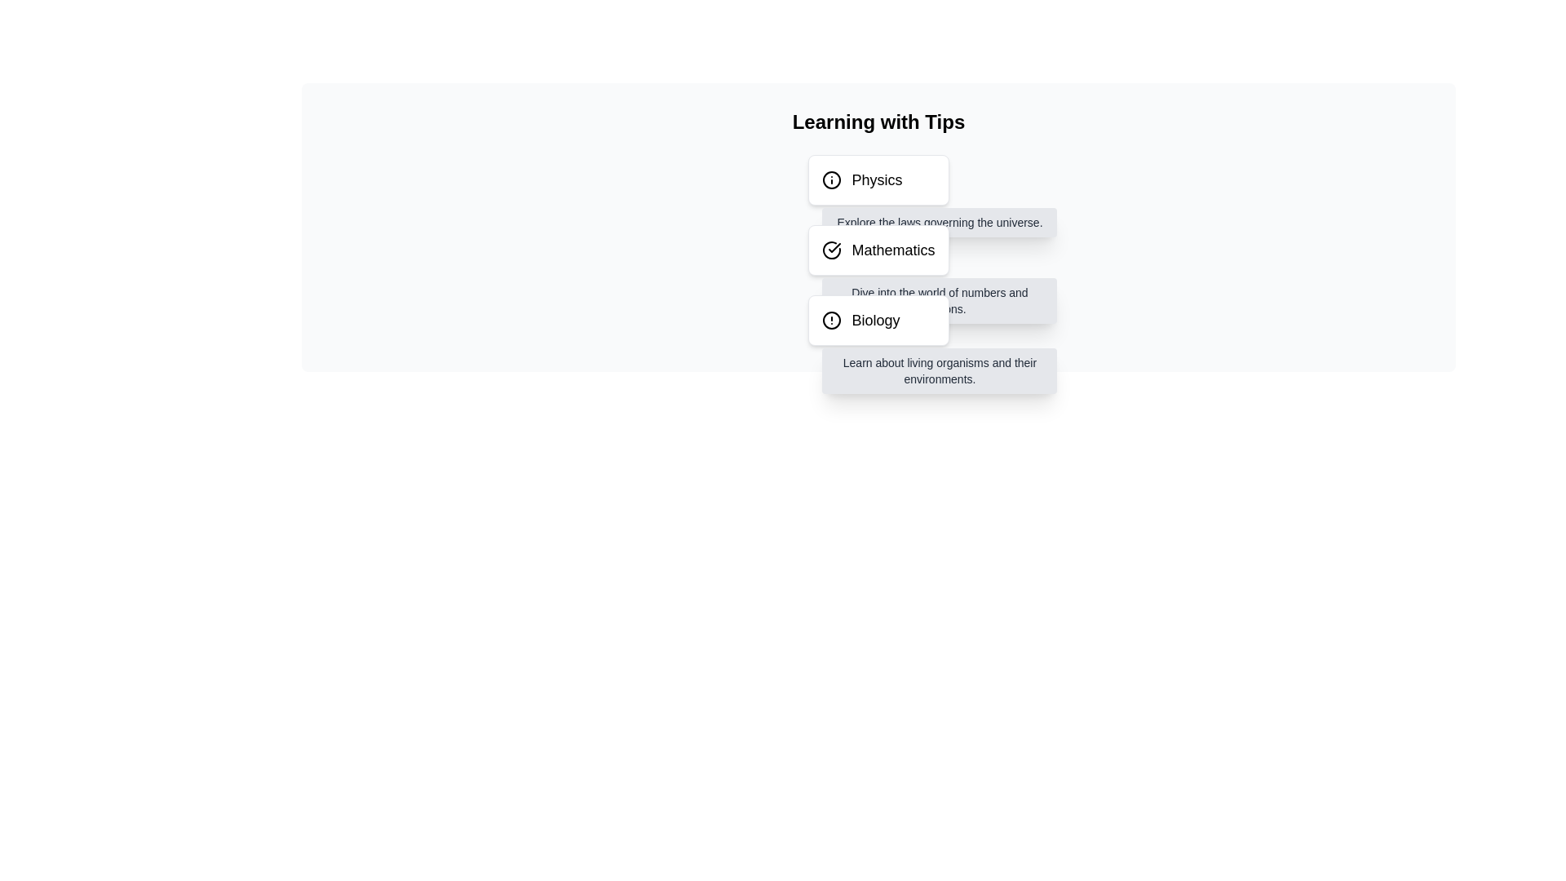 Image resolution: width=1566 pixels, height=881 pixels. Describe the element at coordinates (878, 250) in the screenshot. I see `the 'Mathematics' text label, which is styled in bold and located to the right of a checkmark icon within the second card of a vertically stacked list` at that location.